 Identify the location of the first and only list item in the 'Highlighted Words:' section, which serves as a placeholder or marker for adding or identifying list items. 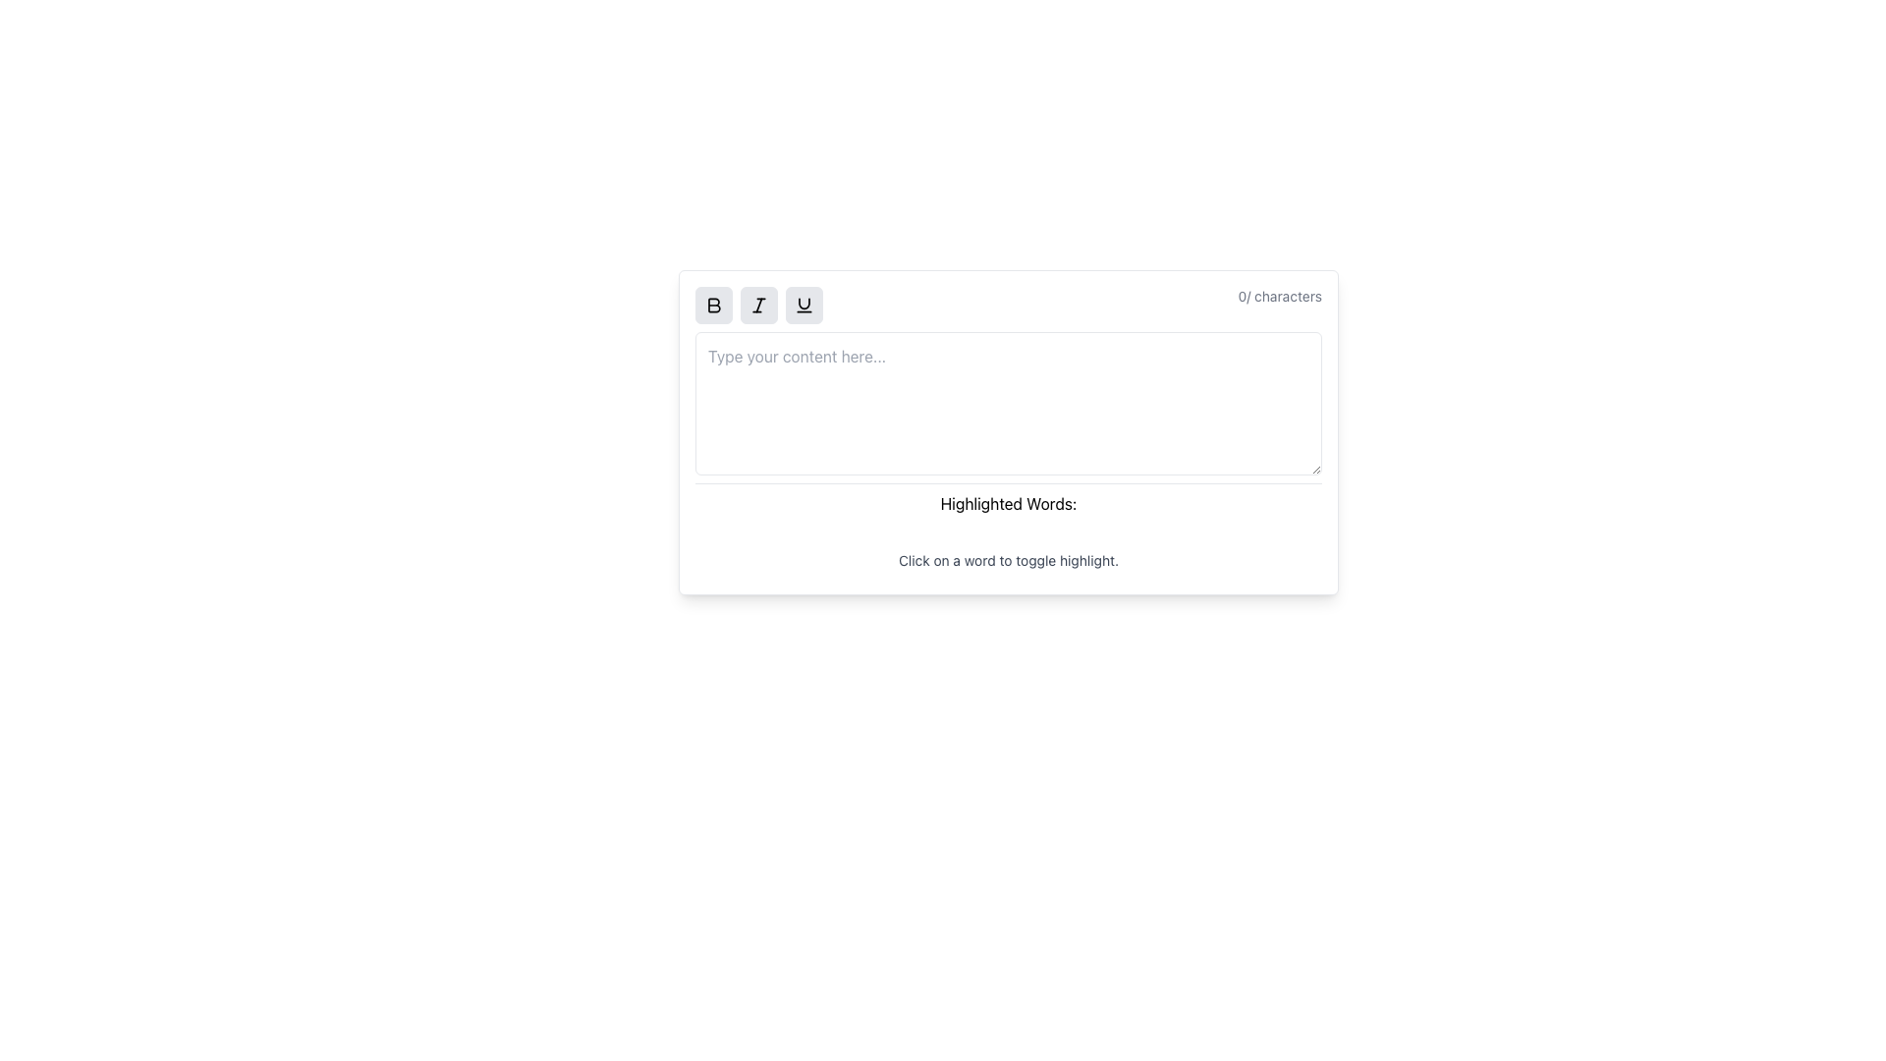
(1009, 526).